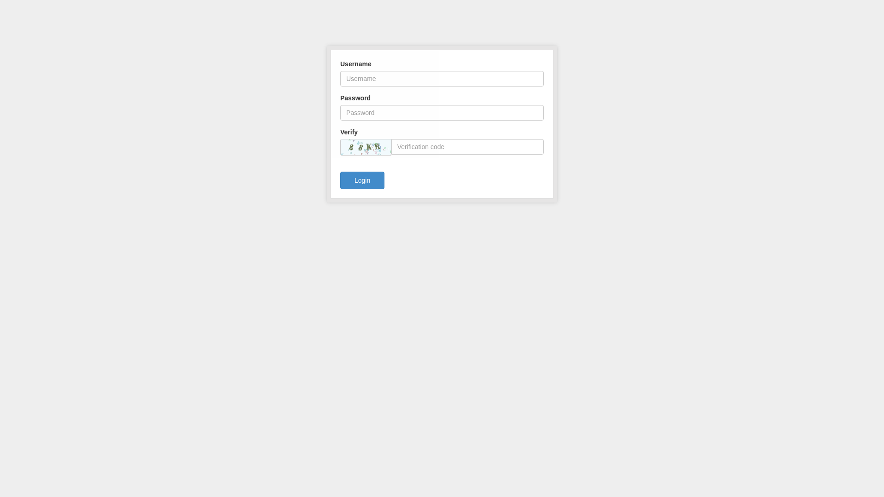 The width and height of the screenshot is (884, 497). Describe the element at coordinates (362, 180) in the screenshot. I see `'Login'` at that location.